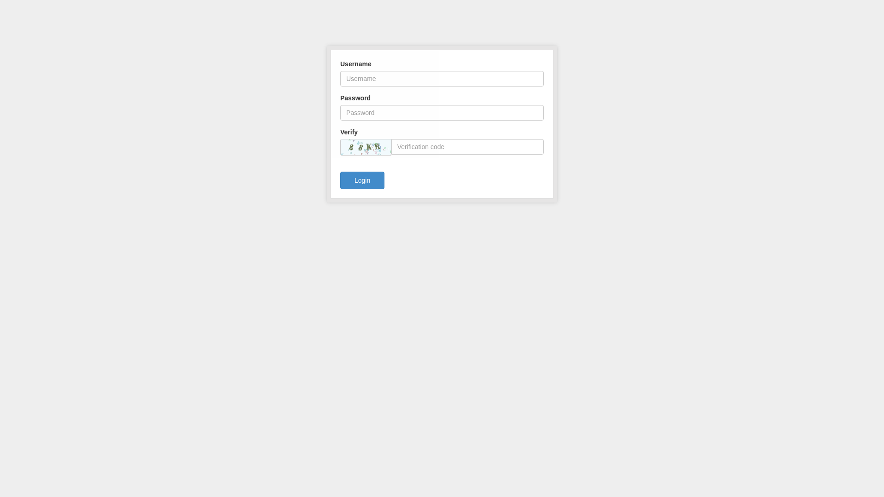 The width and height of the screenshot is (884, 497). Describe the element at coordinates (362, 180) in the screenshot. I see `'Login'` at that location.